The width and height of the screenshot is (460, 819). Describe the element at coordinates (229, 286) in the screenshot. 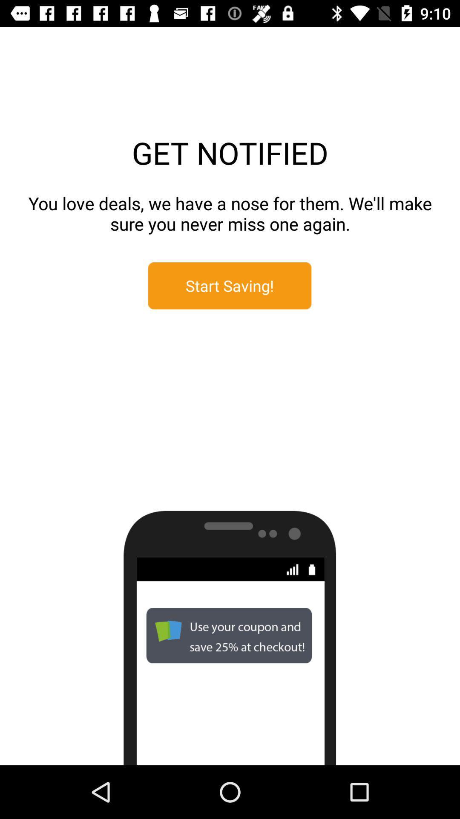

I see `start saving! item` at that location.